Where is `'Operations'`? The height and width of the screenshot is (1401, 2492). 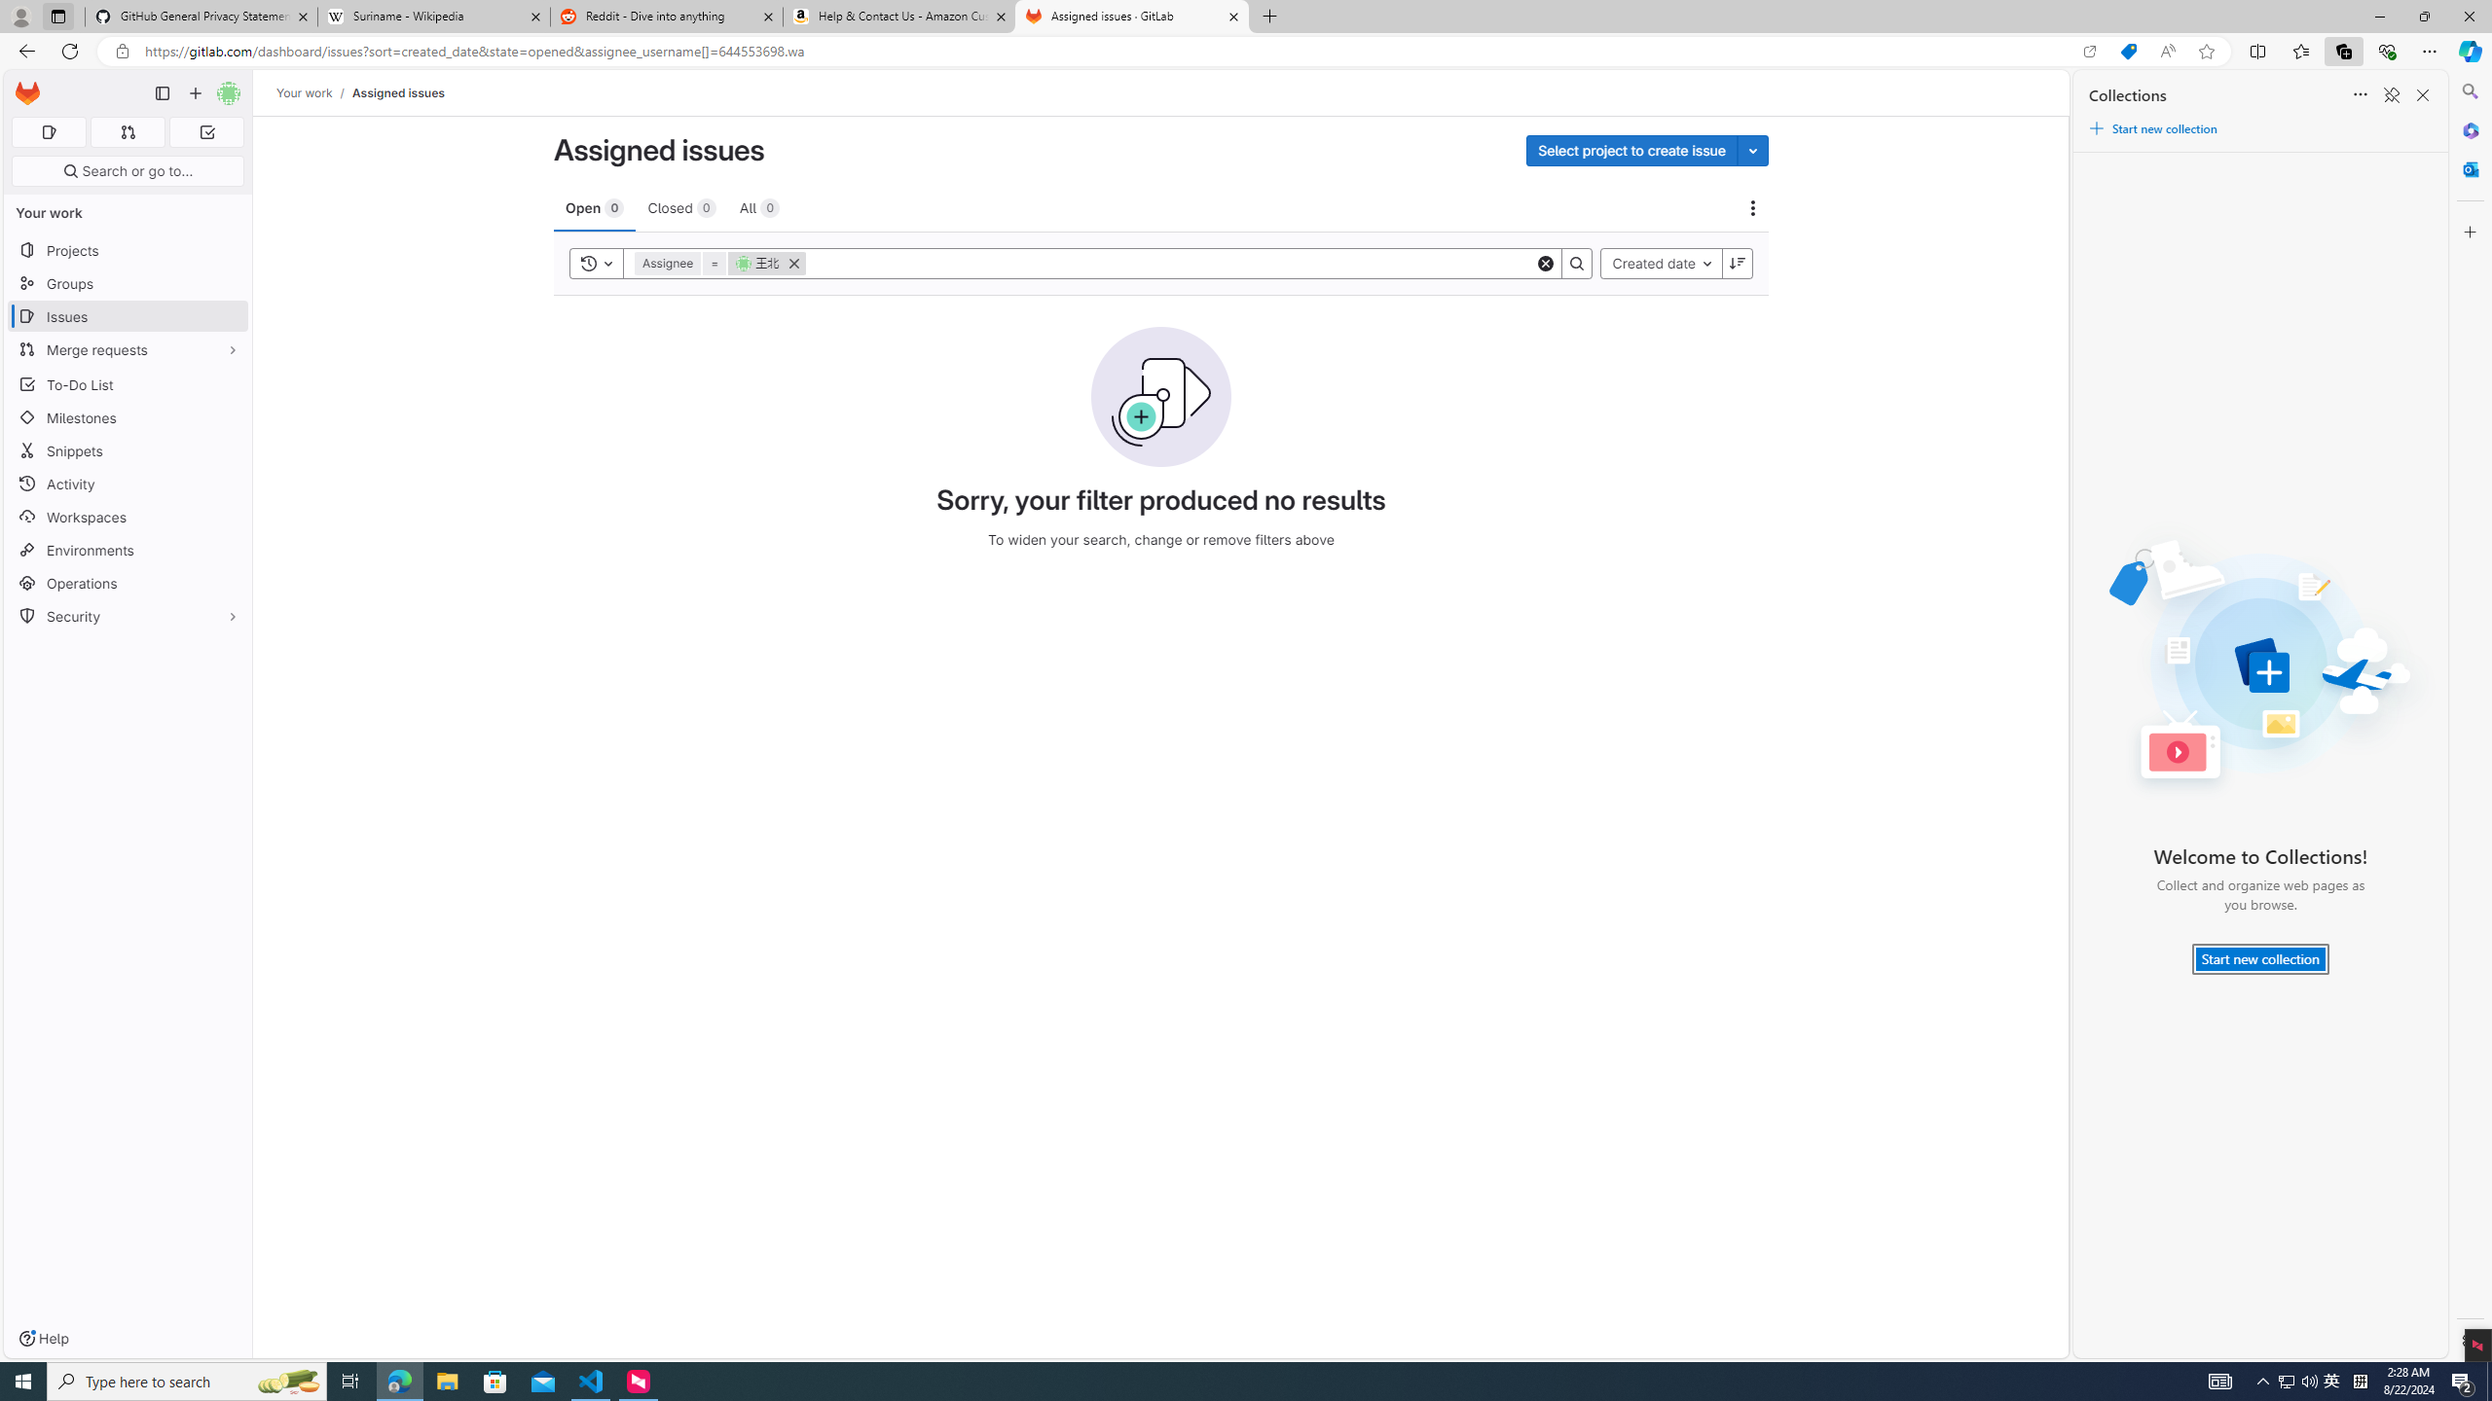 'Operations' is located at coordinates (127, 582).